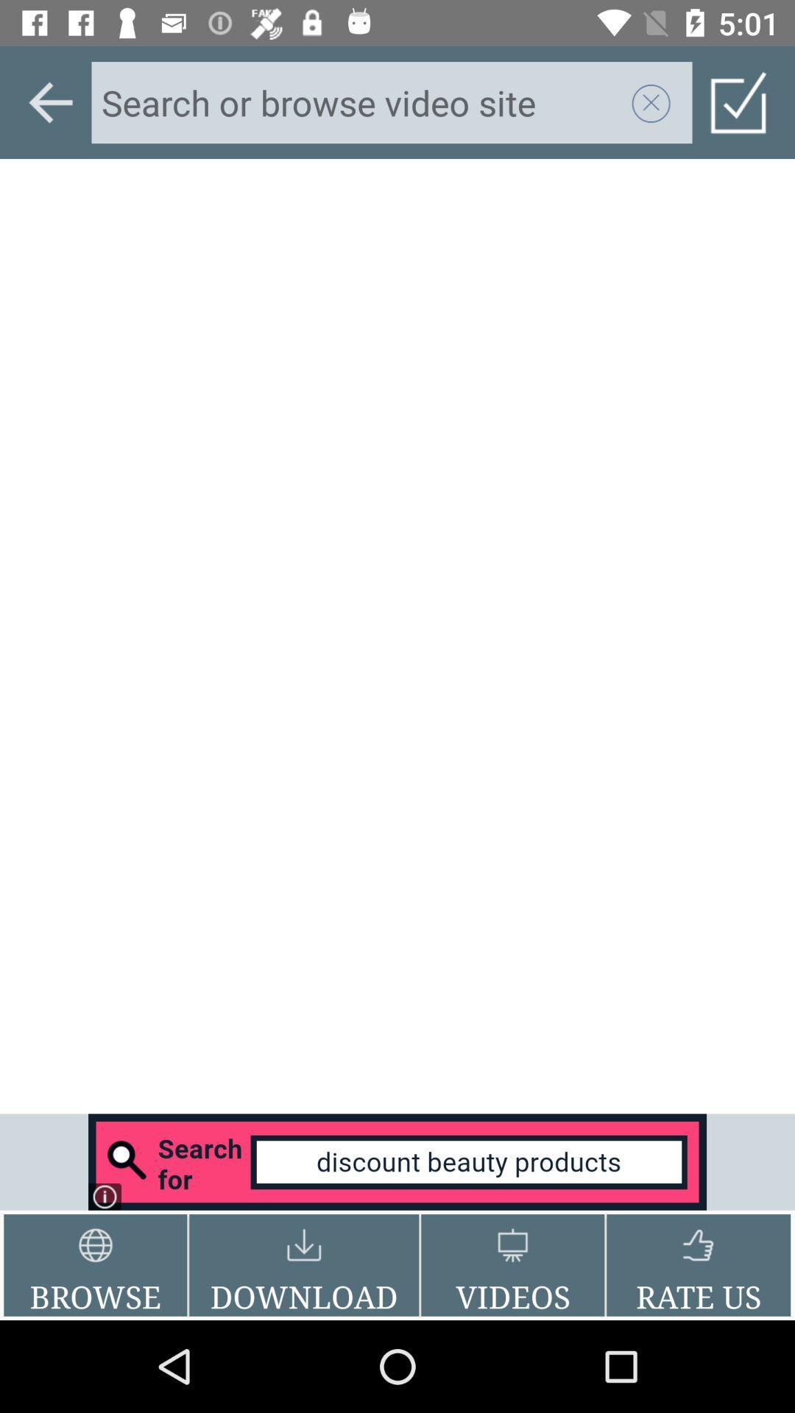  What do you see at coordinates (650, 102) in the screenshot?
I see `cancel search` at bounding box center [650, 102].